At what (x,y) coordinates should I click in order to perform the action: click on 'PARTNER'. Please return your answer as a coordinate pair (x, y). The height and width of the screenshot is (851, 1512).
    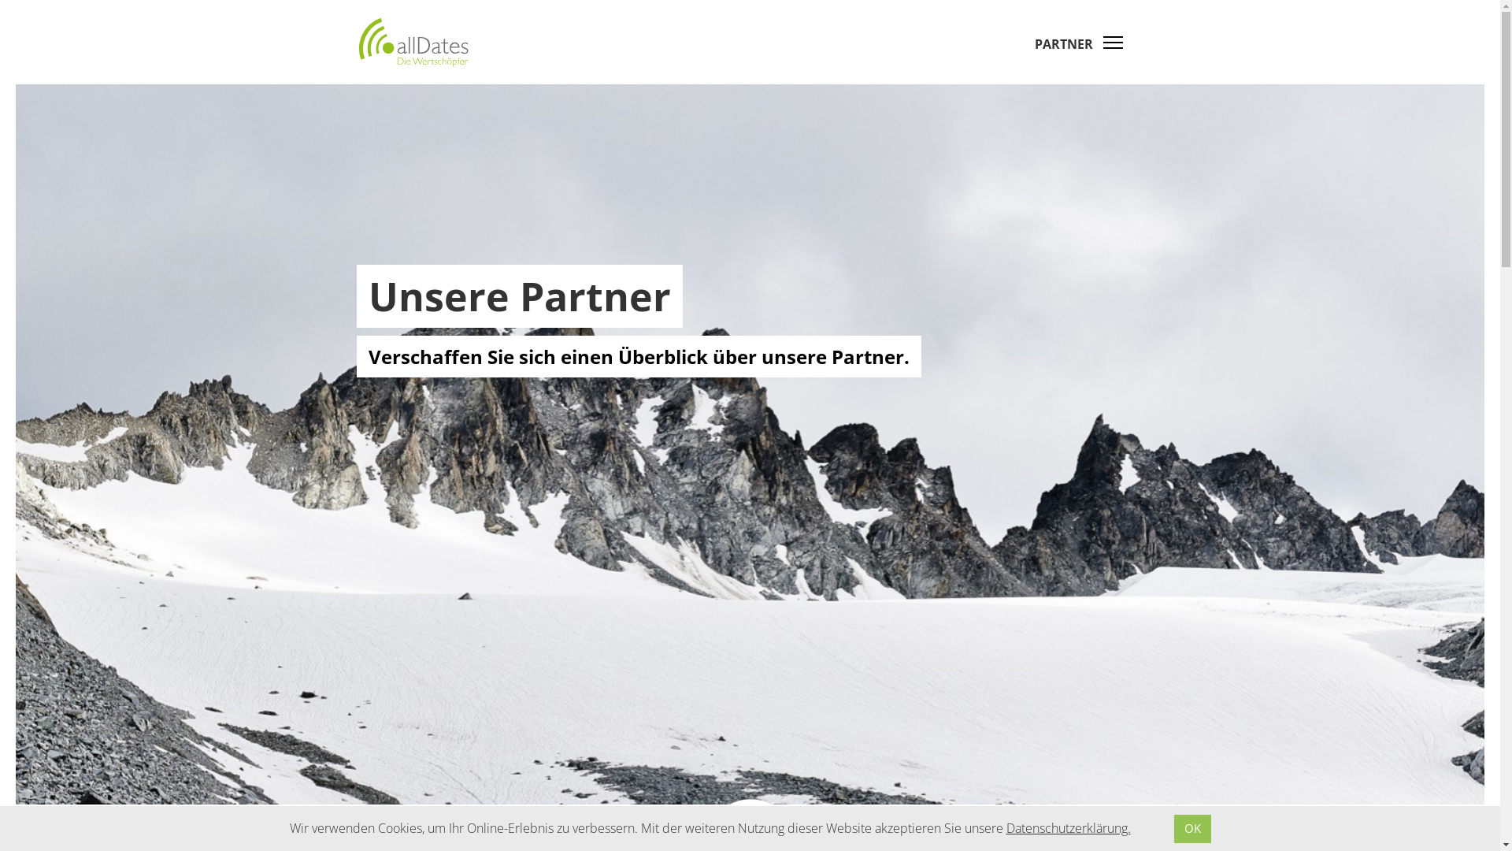
    Looking at the image, I should click on (1035, 43).